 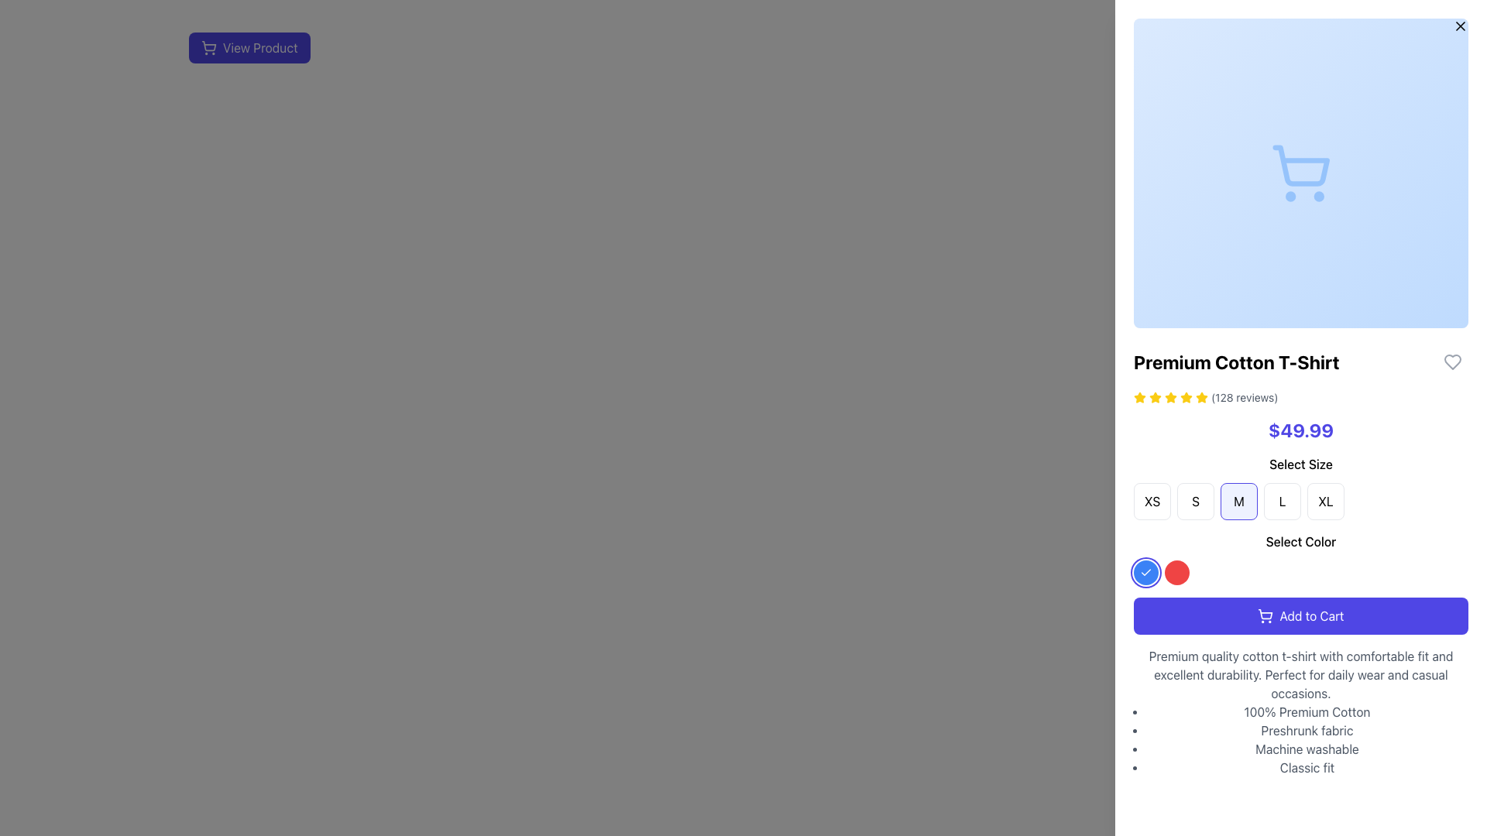 What do you see at coordinates (1460, 26) in the screenshot?
I see `the small circular button displaying an 'X' icon located in the top-right corner of the product listing section` at bounding box center [1460, 26].